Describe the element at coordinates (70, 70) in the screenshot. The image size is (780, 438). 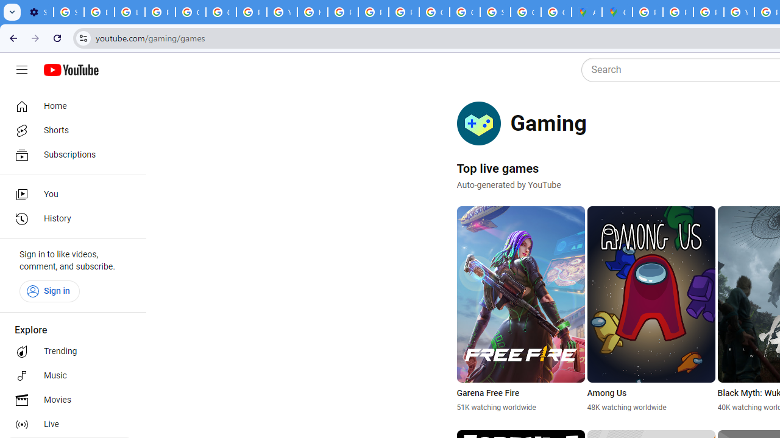
I see `'YouTube Home'` at that location.